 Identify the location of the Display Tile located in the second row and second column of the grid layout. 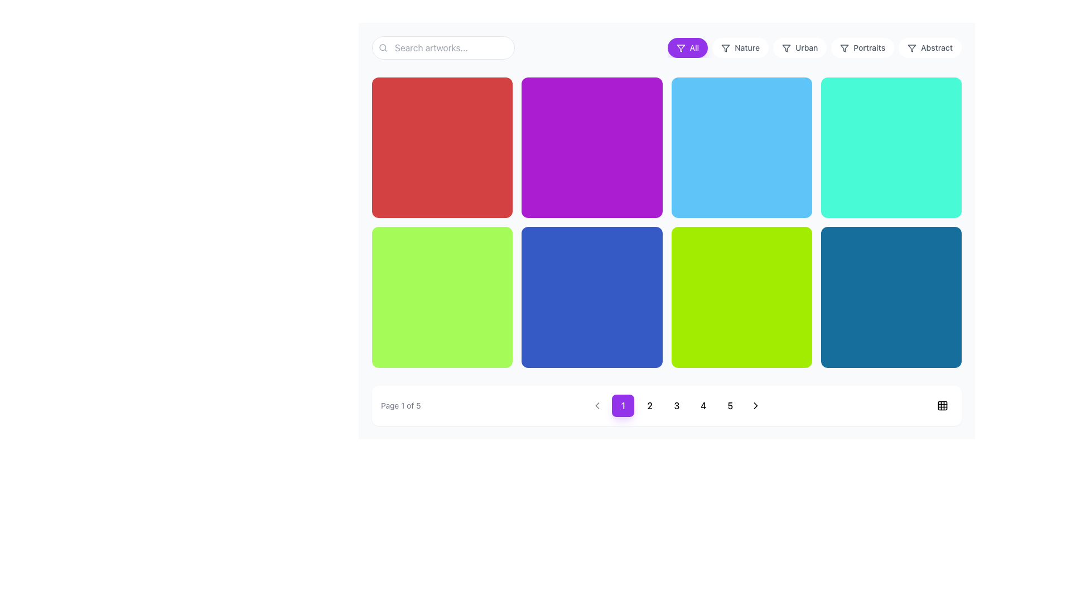
(591, 297).